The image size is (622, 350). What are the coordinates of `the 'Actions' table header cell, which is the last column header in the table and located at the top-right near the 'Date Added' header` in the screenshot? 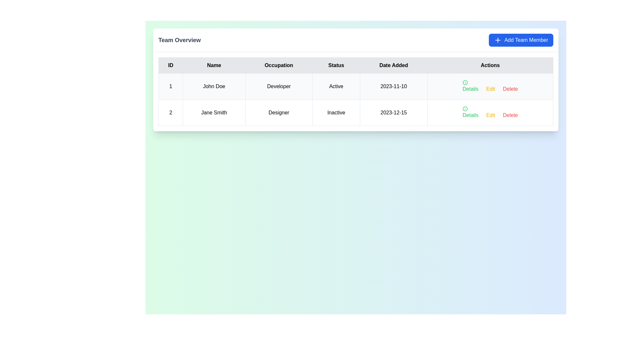 It's located at (490, 65).